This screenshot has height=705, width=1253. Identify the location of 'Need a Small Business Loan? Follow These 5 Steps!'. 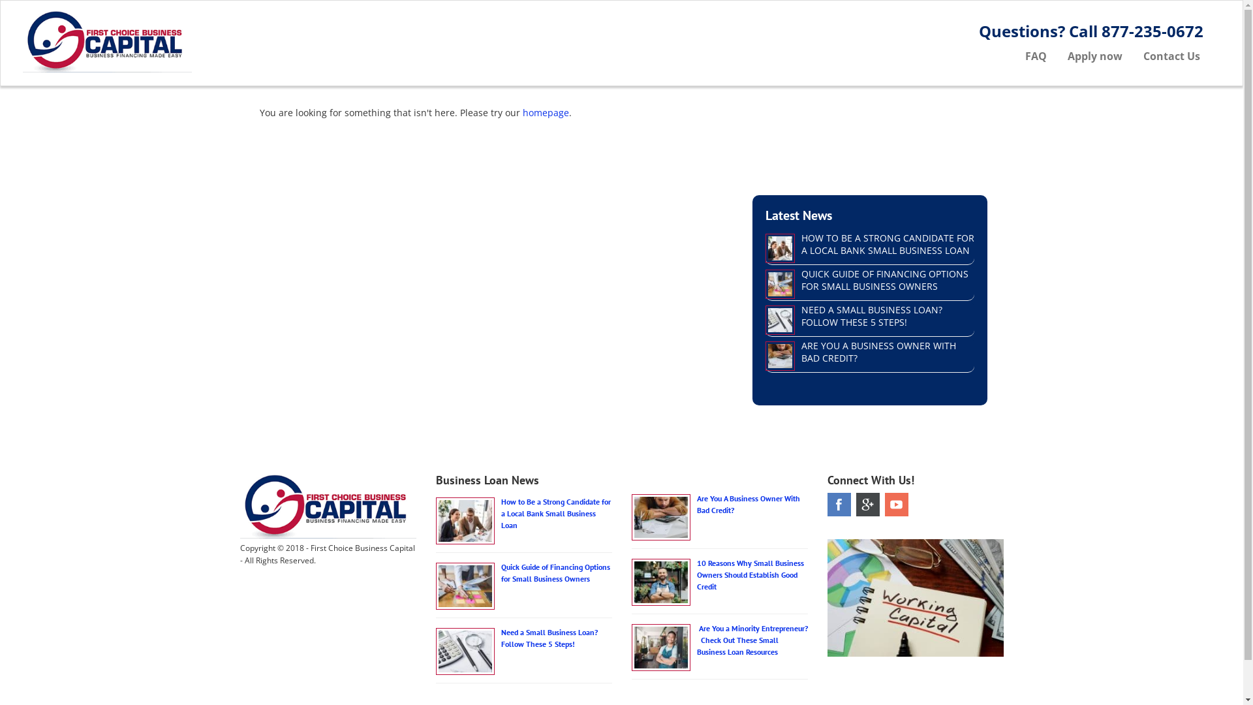
(501, 637).